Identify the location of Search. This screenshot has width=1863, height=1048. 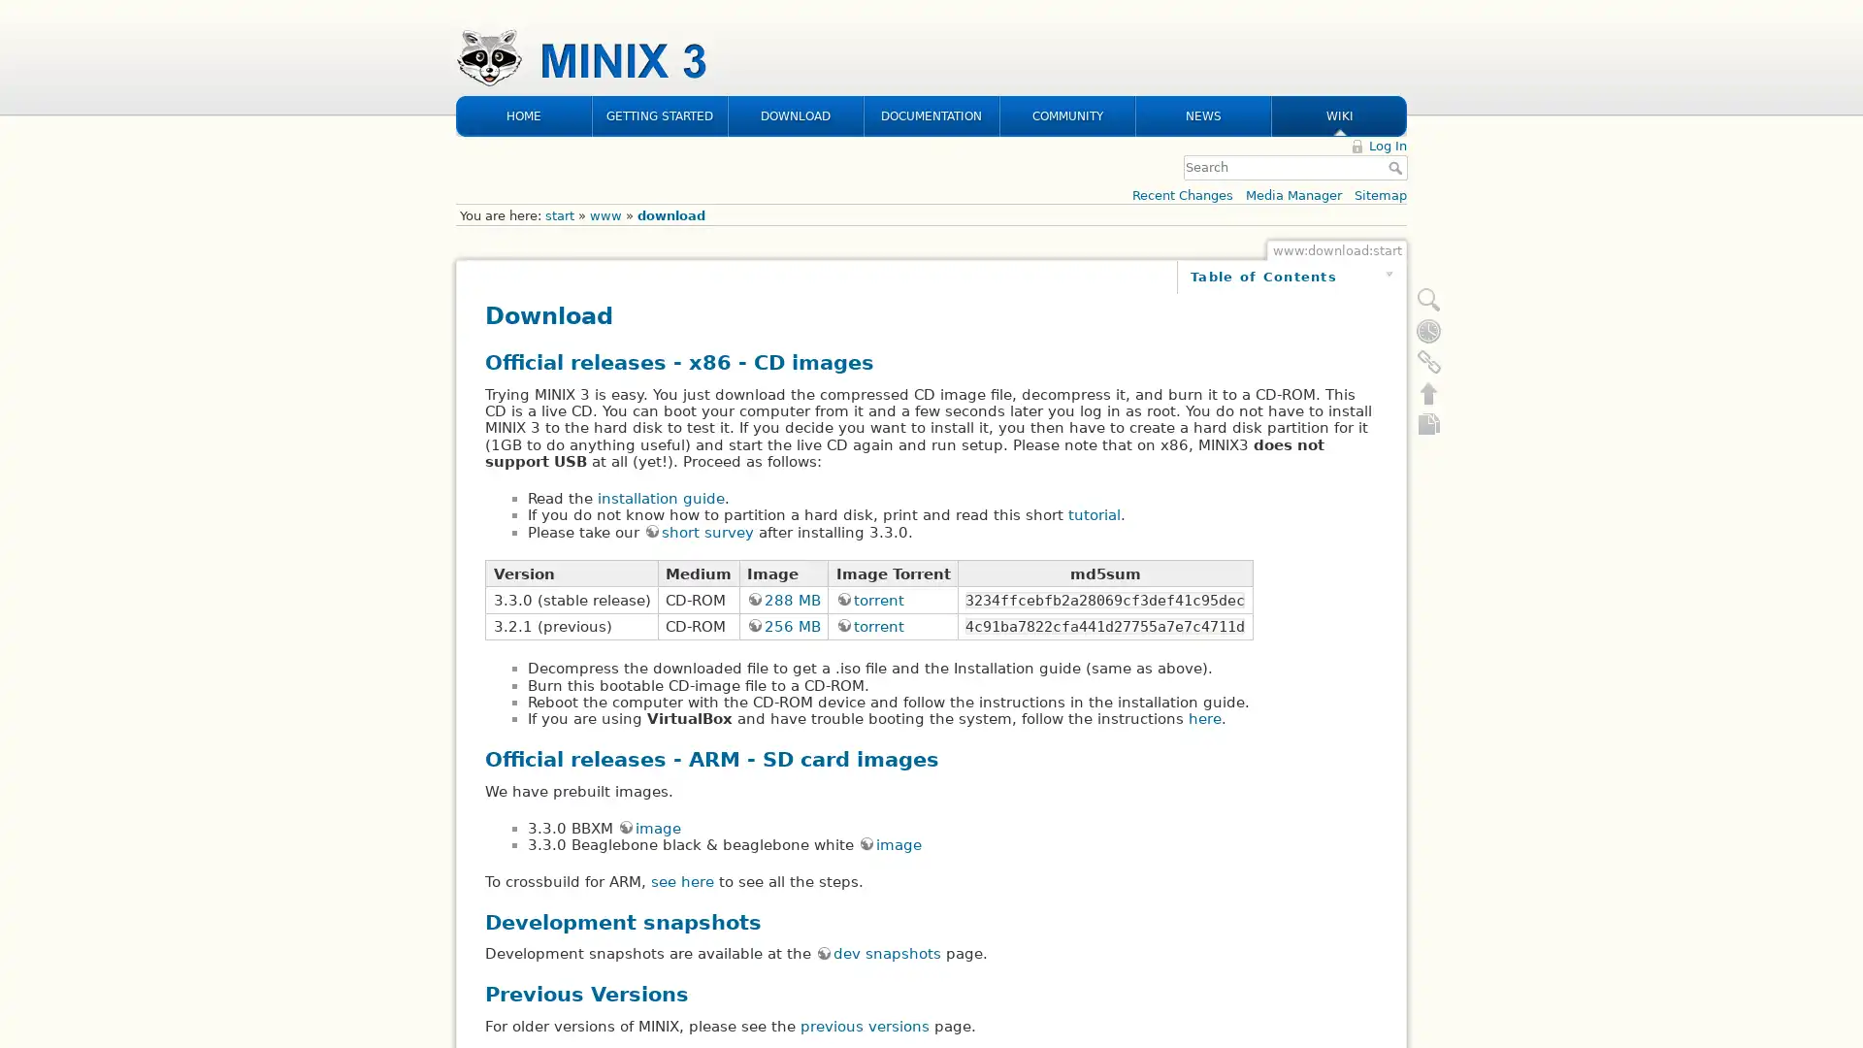
(1397, 41).